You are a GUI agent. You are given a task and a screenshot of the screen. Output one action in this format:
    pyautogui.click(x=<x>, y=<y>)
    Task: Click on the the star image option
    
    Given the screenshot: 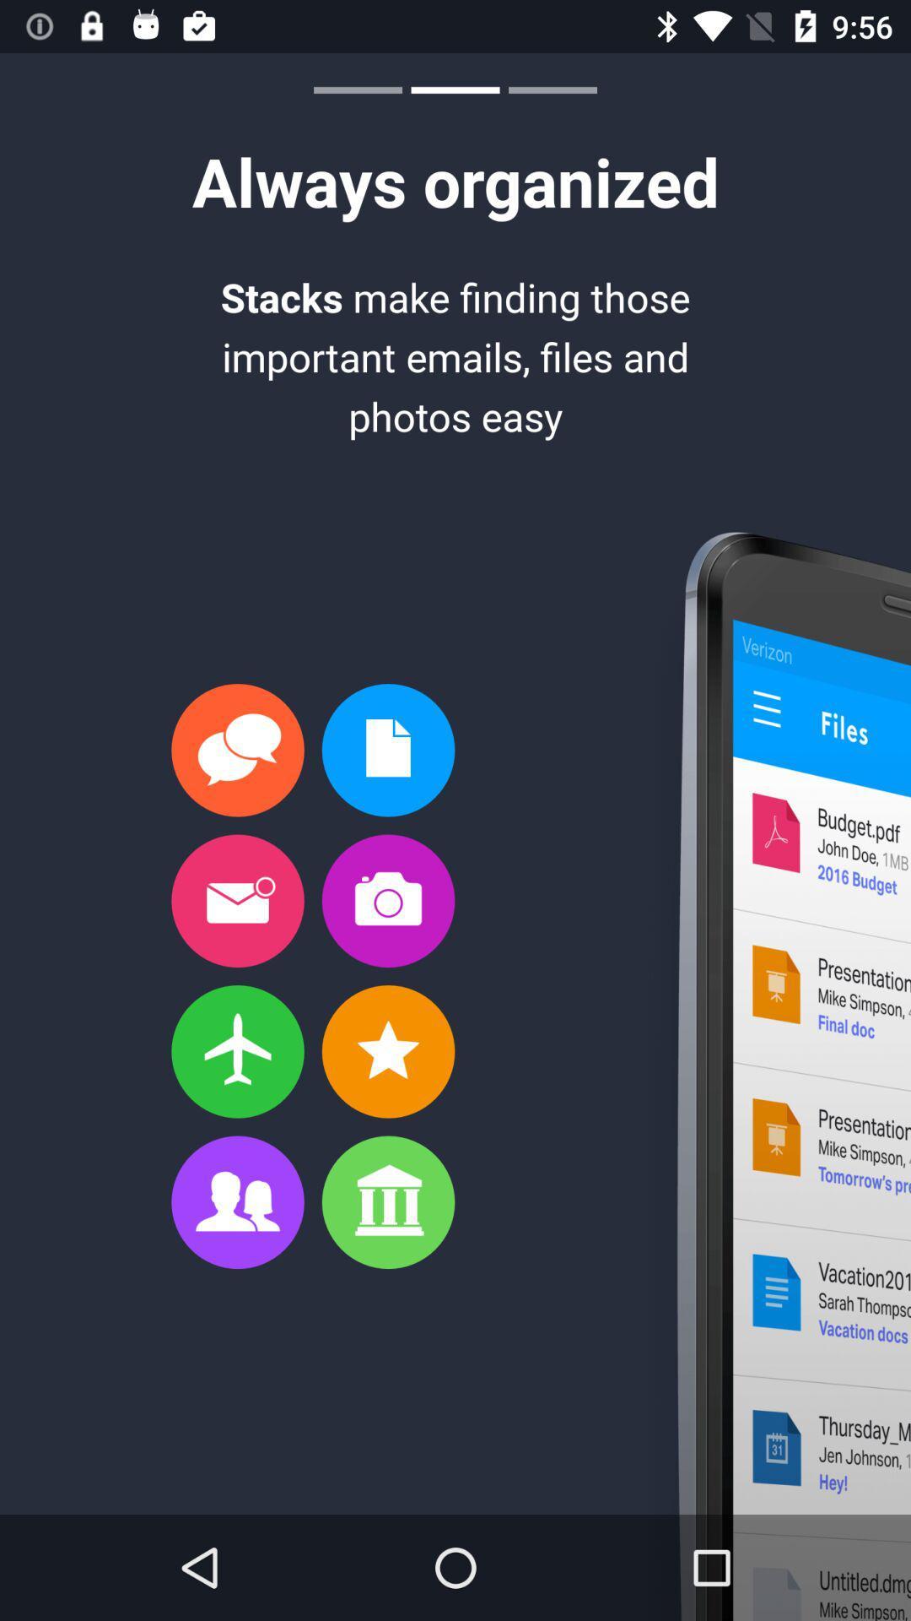 What is the action you would take?
    pyautogui.click(x=388, y=1051)
    